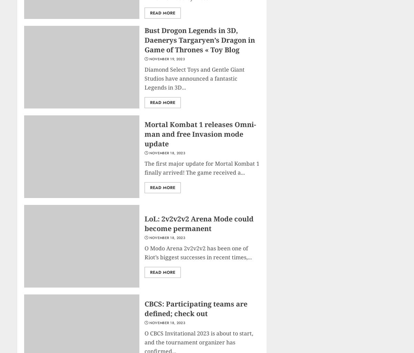 The width and height of the screenshot is (414, 353). What do you see at coordinates (166, 59) in the screenshot?
I see `'November 19, 2023'` at bounding box center [166, 59].